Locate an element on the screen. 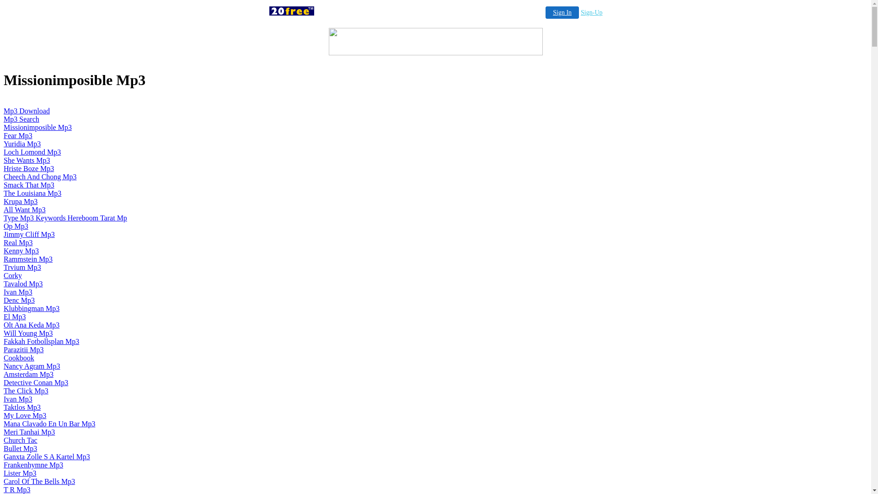  'Tavalod Mp3' is located at coordinates (23, 283).